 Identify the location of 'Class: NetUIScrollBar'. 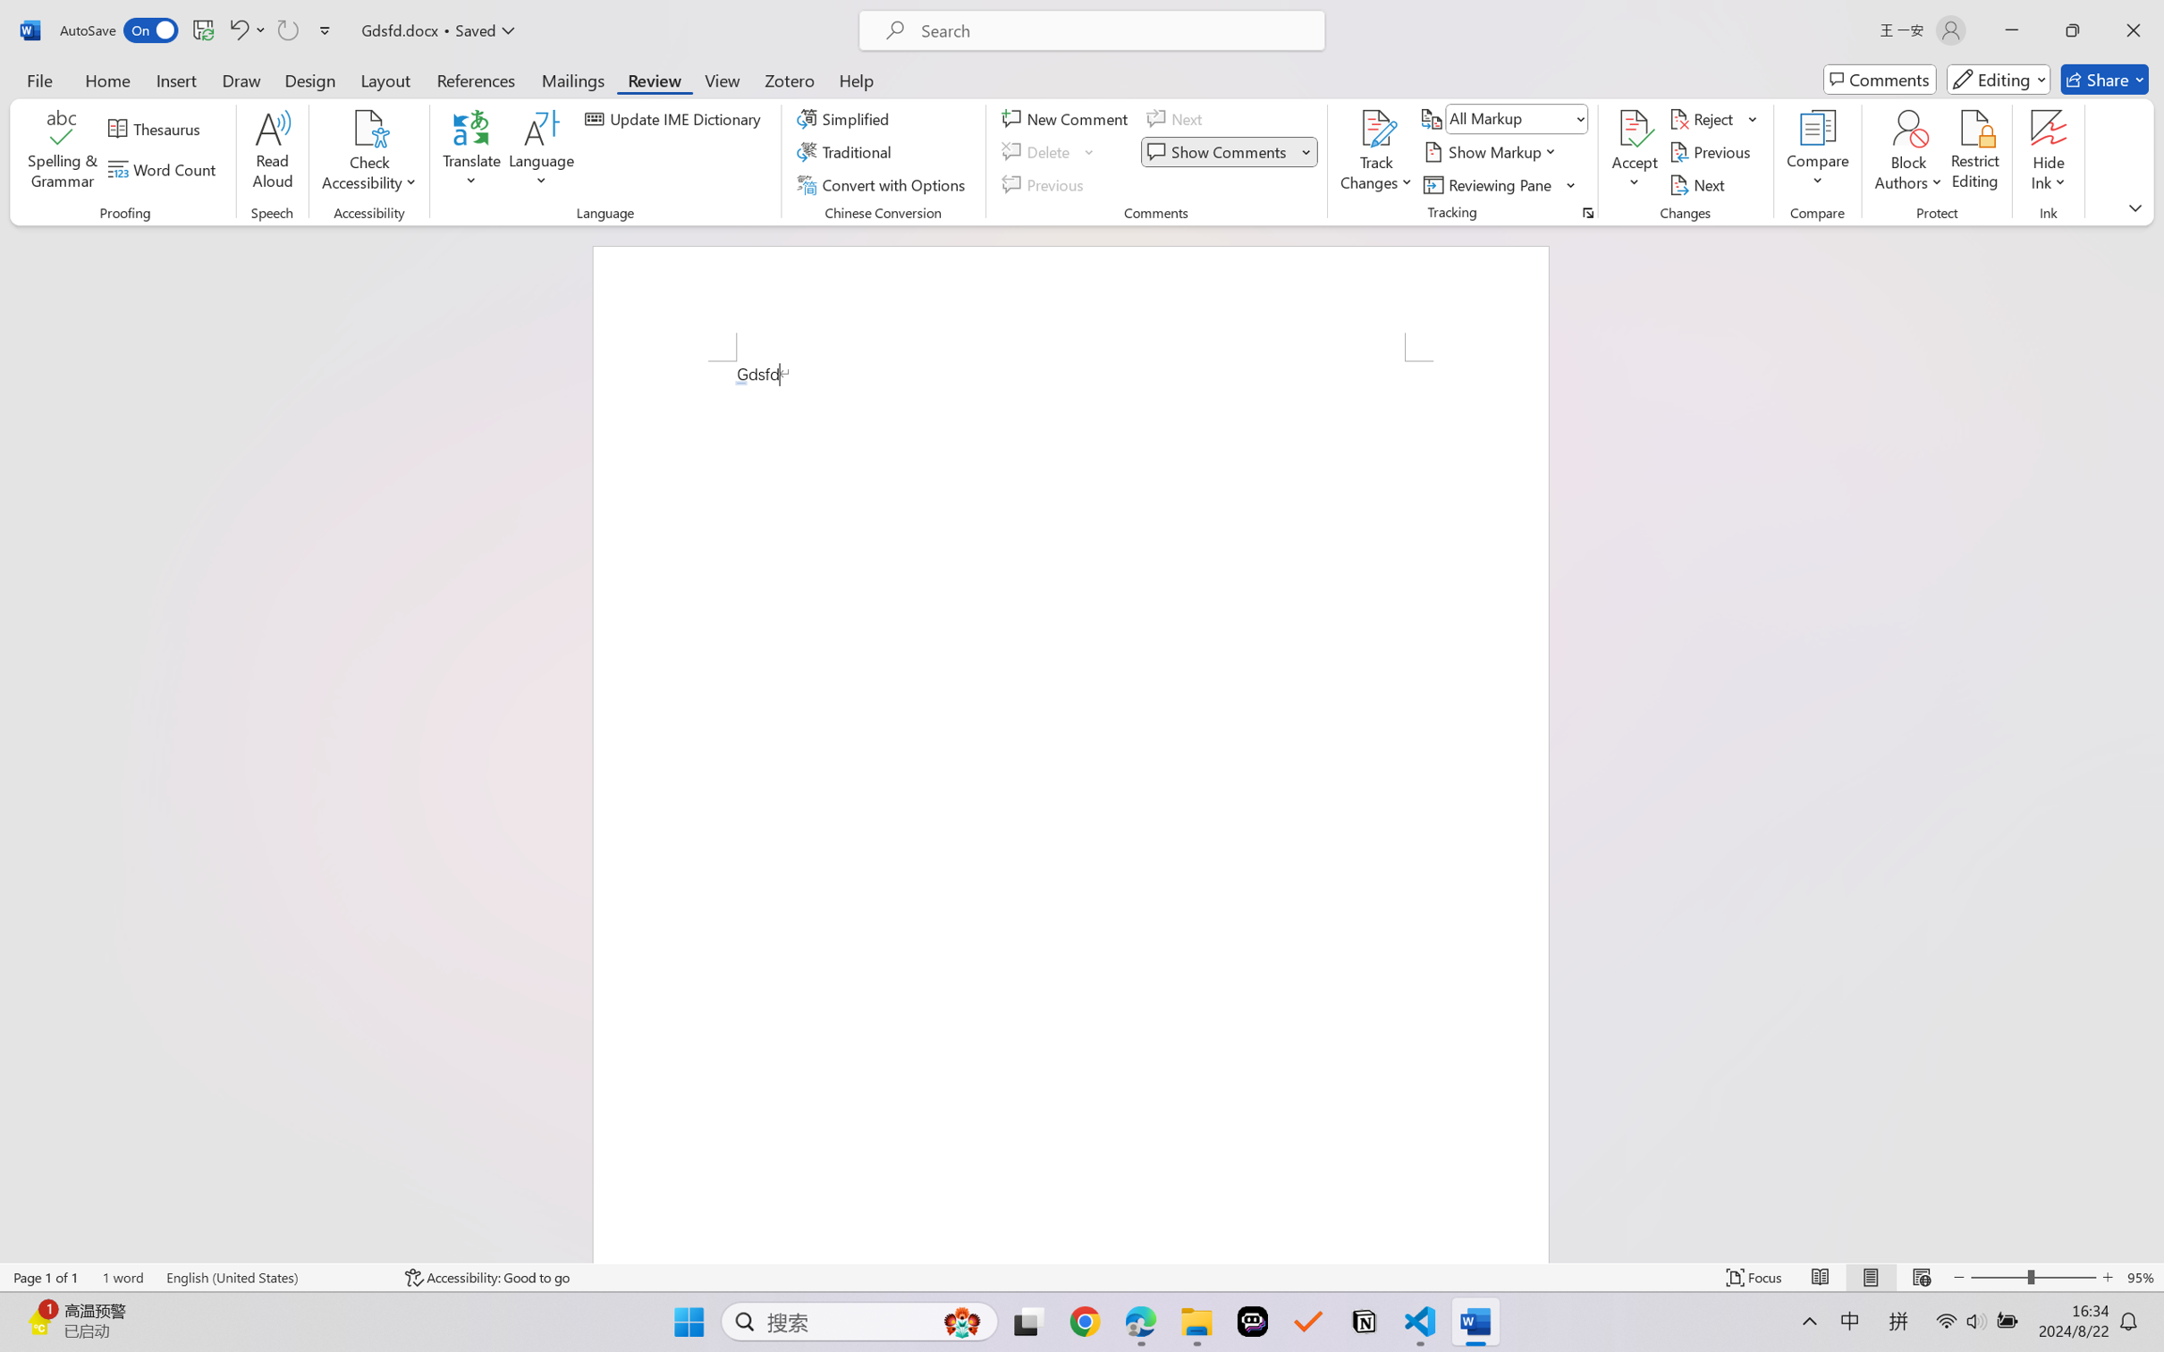
(2152, 743).